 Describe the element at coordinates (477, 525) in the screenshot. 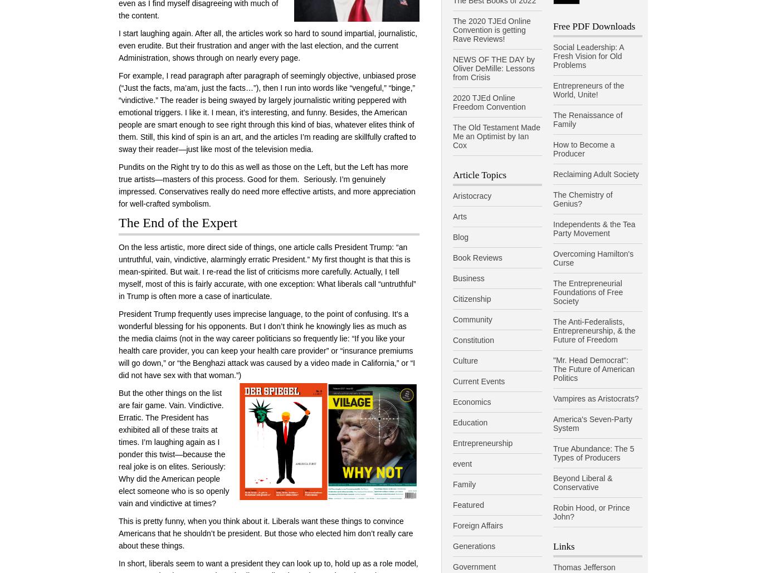

I see `'Foreign Affairs'` at that location.